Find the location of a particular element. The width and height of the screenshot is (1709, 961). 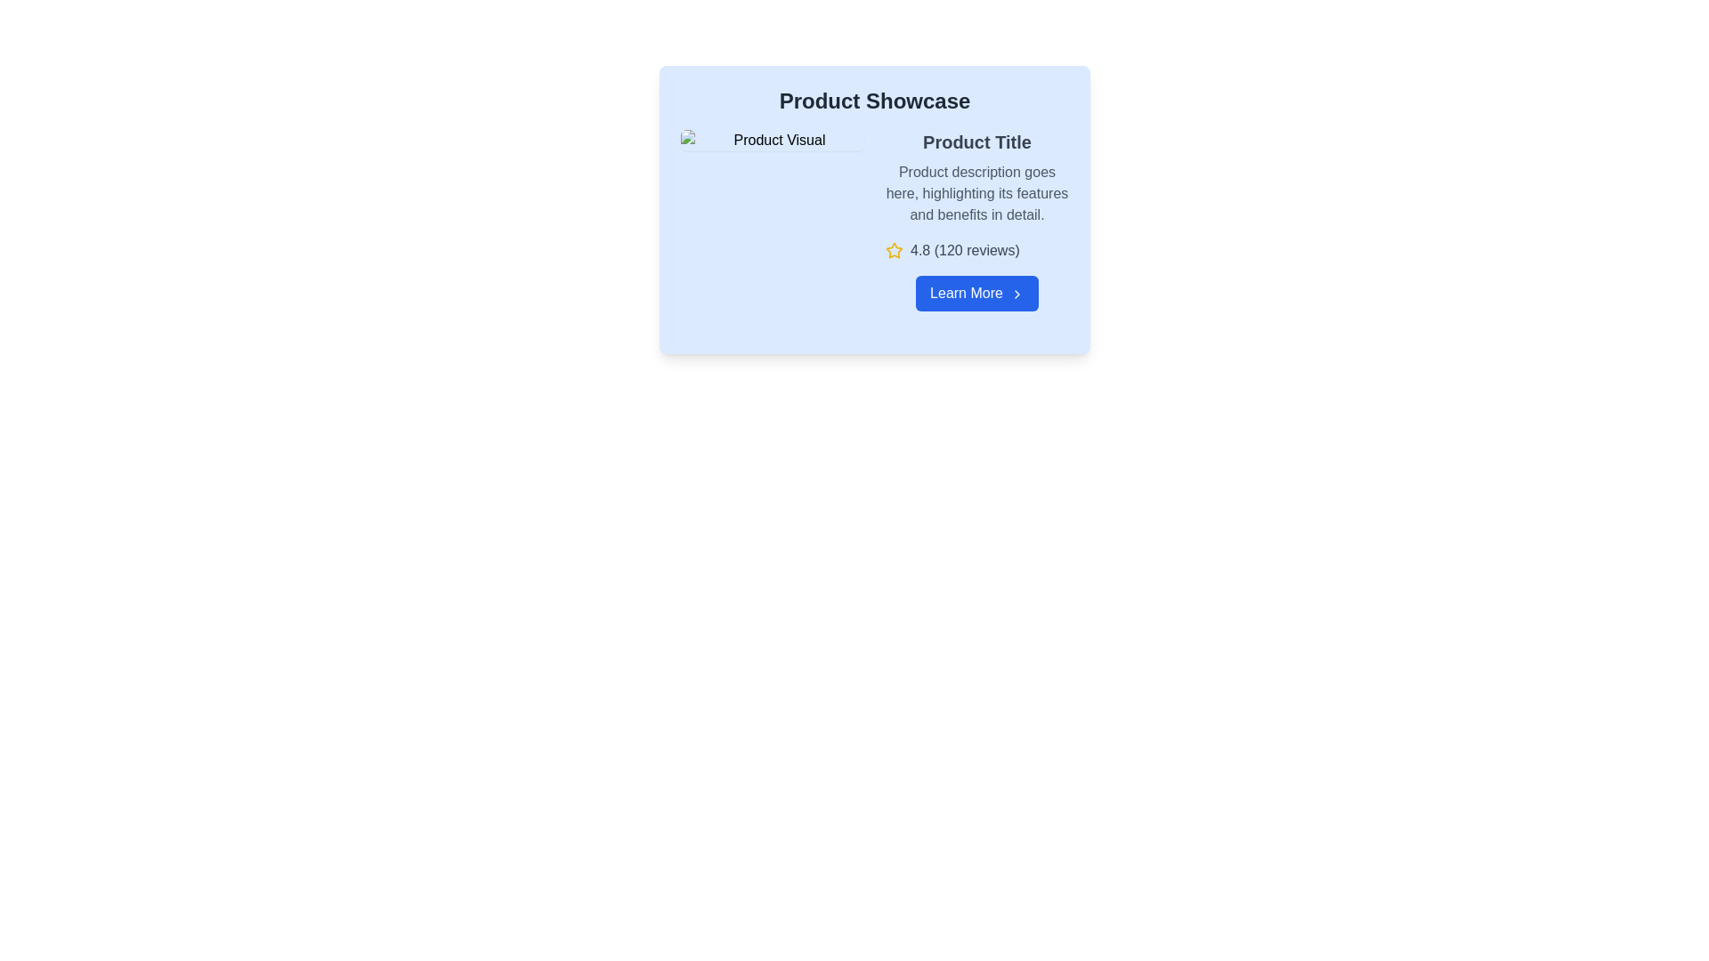

the chevron icon located at the right side of the 'Learn More' button, which indicates additional content or navigation is available is located at coordinates (1016, 293).